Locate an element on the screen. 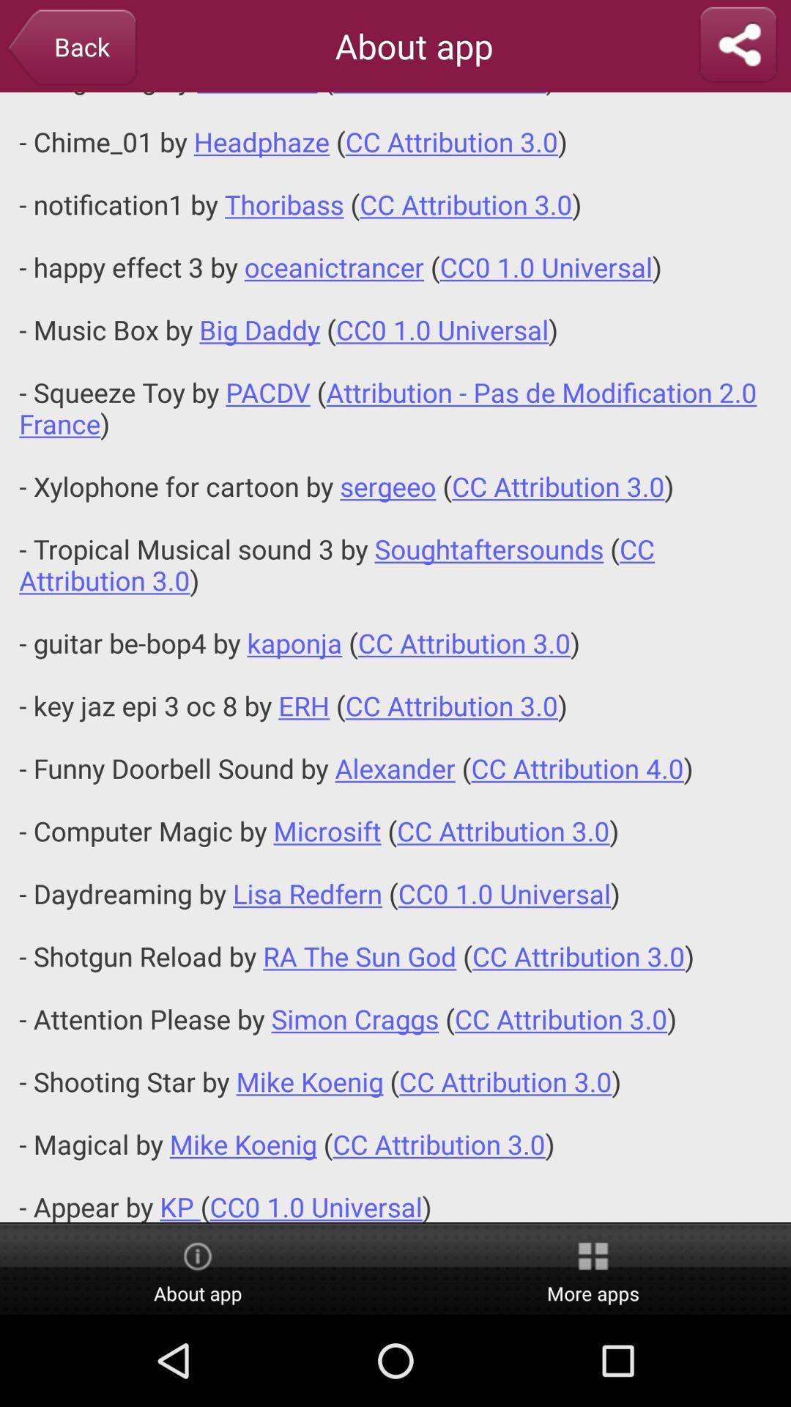  the button at the bottom right corner is located at coordinates (593, 1269).